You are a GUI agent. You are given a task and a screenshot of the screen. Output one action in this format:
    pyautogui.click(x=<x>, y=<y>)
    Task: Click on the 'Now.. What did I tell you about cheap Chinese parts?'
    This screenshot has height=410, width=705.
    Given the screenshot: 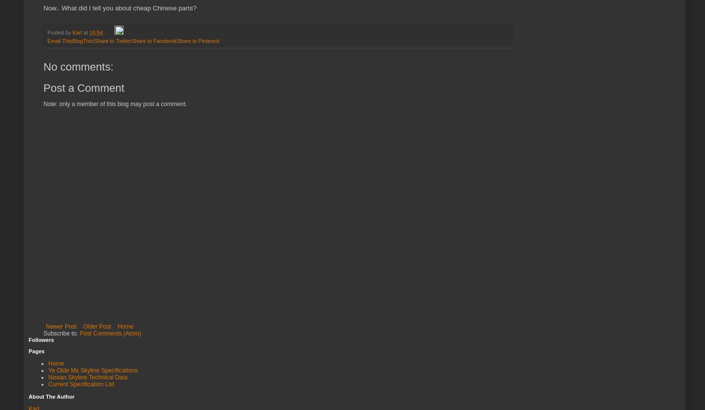 What is the action you would take?
    pyautogui.click(x=120, y=8)
    